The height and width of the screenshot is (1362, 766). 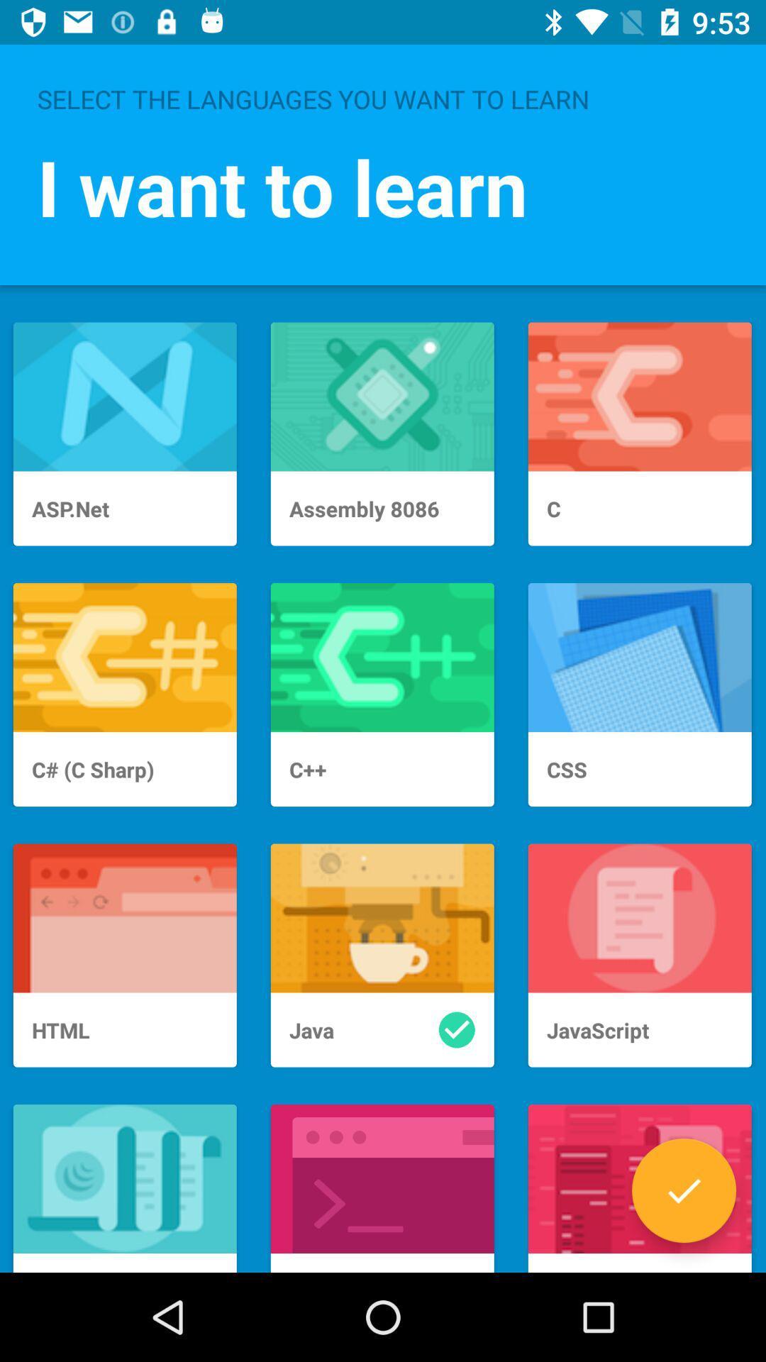 What do you see at coordinates (683, 1190) in the screenshot?
I see `item below the javascript` at bounding box center [683, 1190].